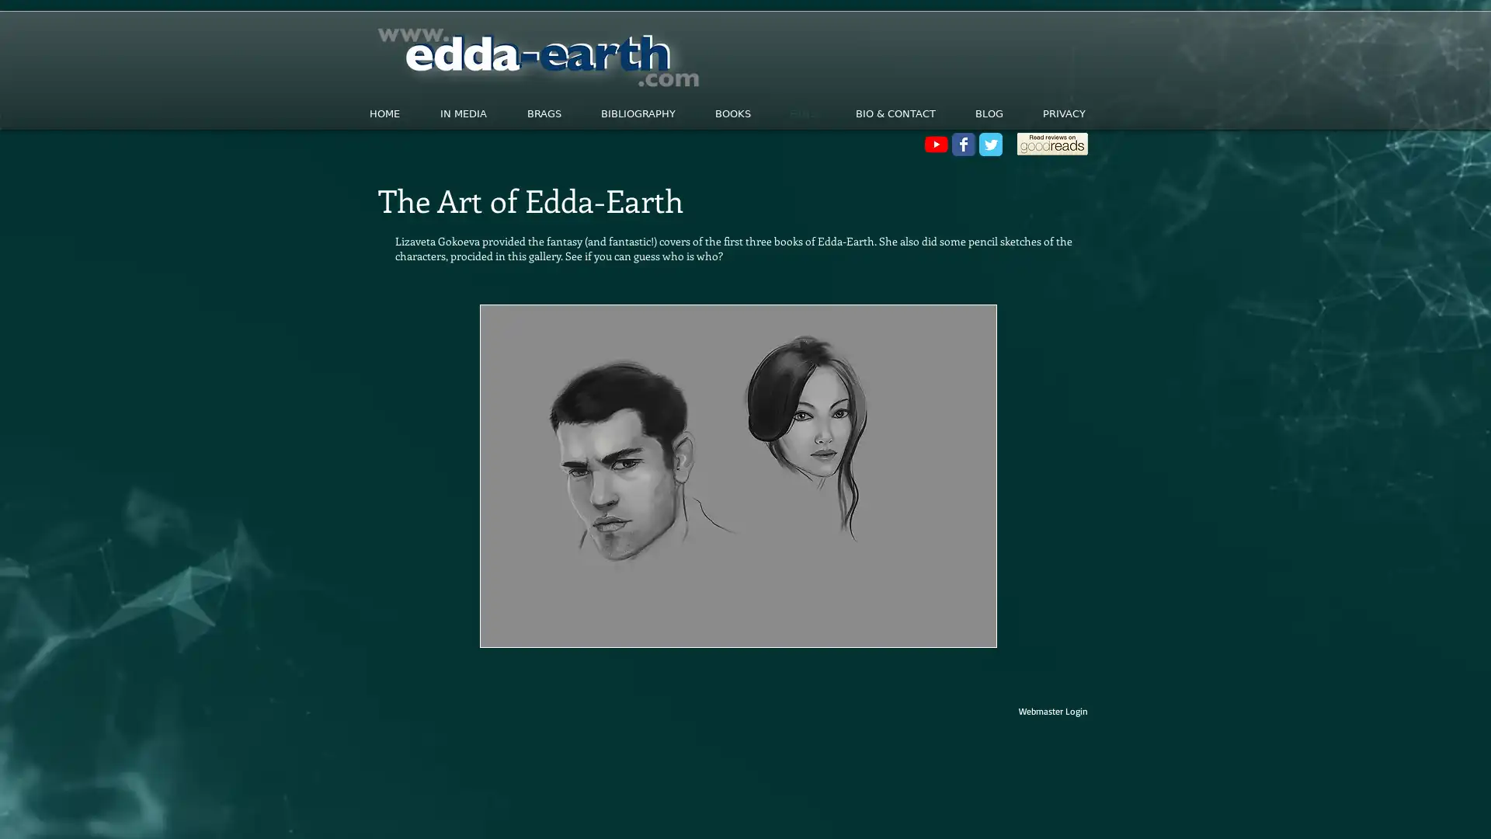  I want to click on play, so click(961, 633).